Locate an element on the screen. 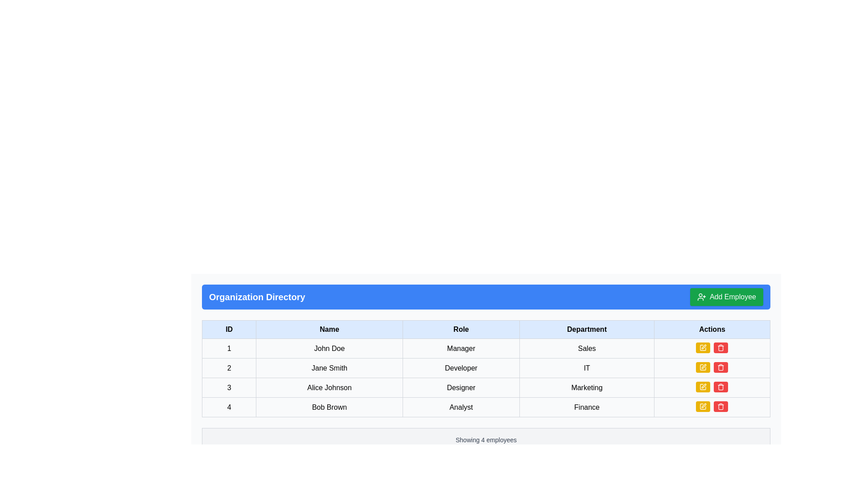  the 'Finance' department name text cell element located in the fourth row and fourth column of the organization directory table is located at coordinates (587, 407).